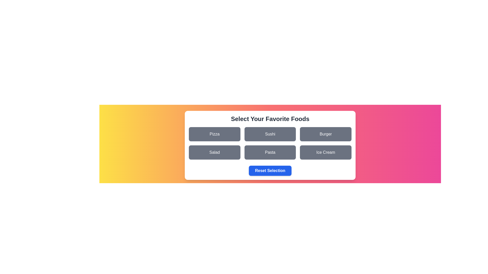 This screenshot has height=274, width=488. Describe the element at coordinates (326, 134) in the screenshot. I see `the food item Burger to observe the hover effect` at that location.